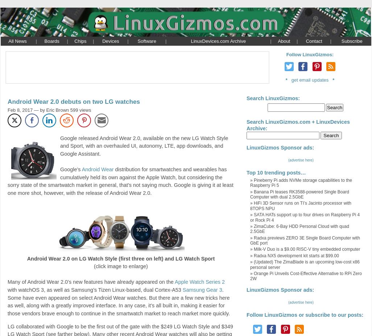  What do you see at coordinates (80, 40) in the screenshot?
I see `'Chips'` at bounding box center [80, 40].